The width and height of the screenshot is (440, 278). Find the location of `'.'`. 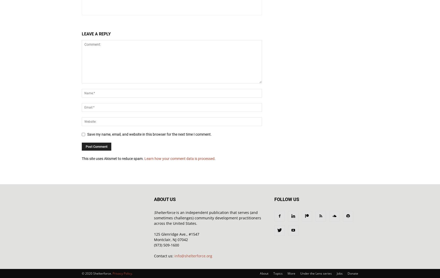

'.' is located at coordinates (215, 158).